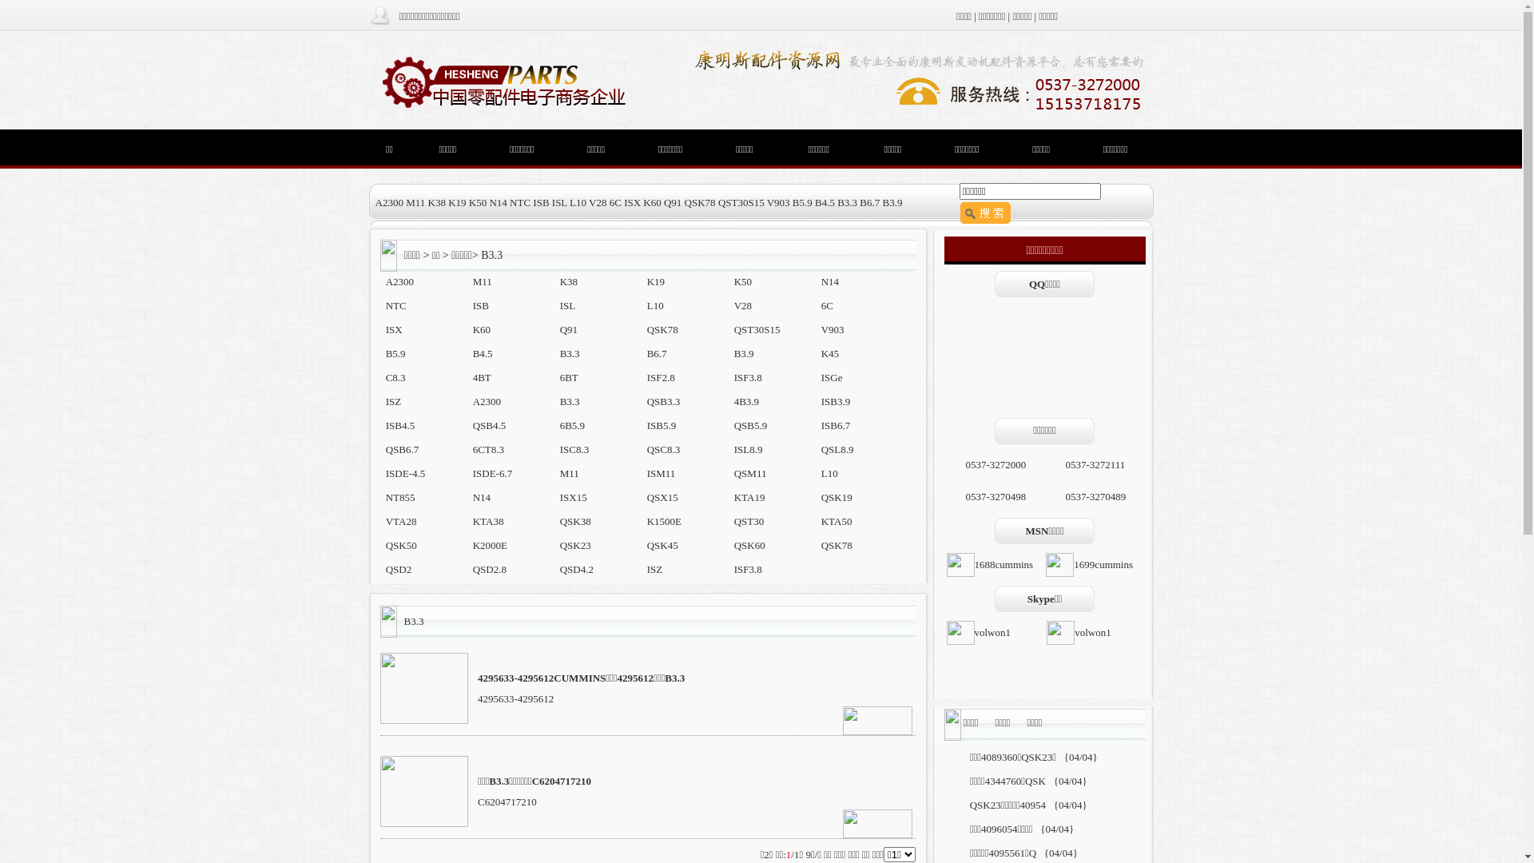 The width and height of the screenshot is (1534, 863). Describe the element at coordinates (568, 280) in the screenshot. I see `'K38'` at that location.